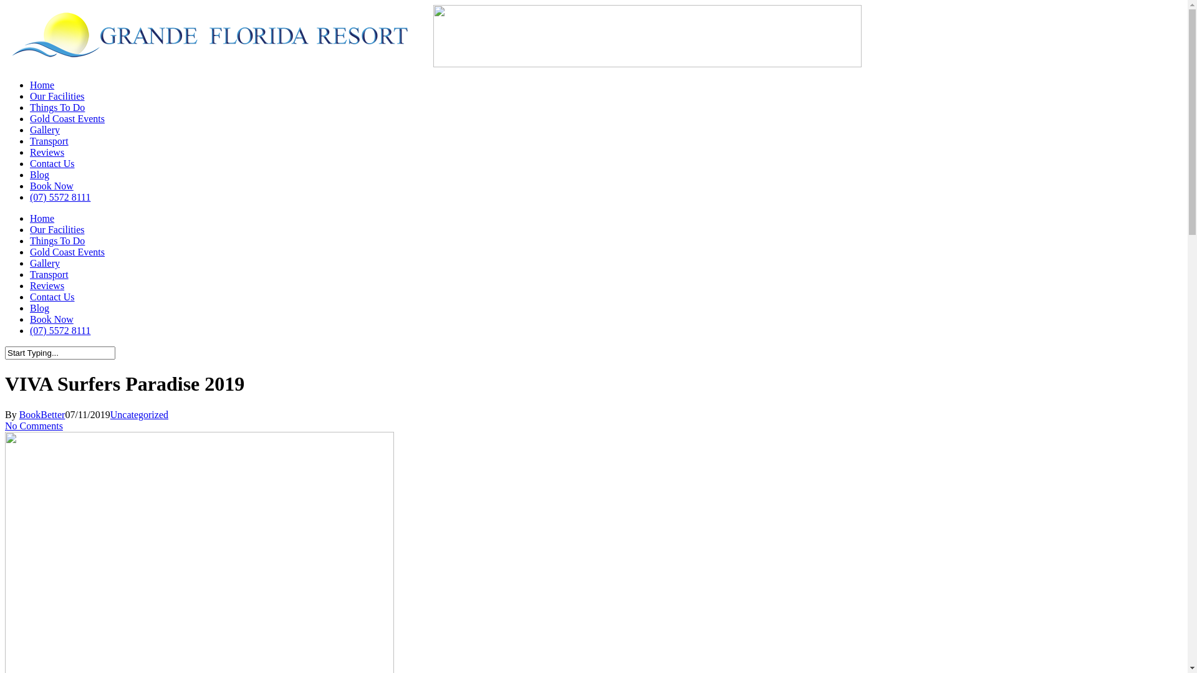 This screenshot has width=1197, height=673. I want to click on 'Blog', so click(39, 308).